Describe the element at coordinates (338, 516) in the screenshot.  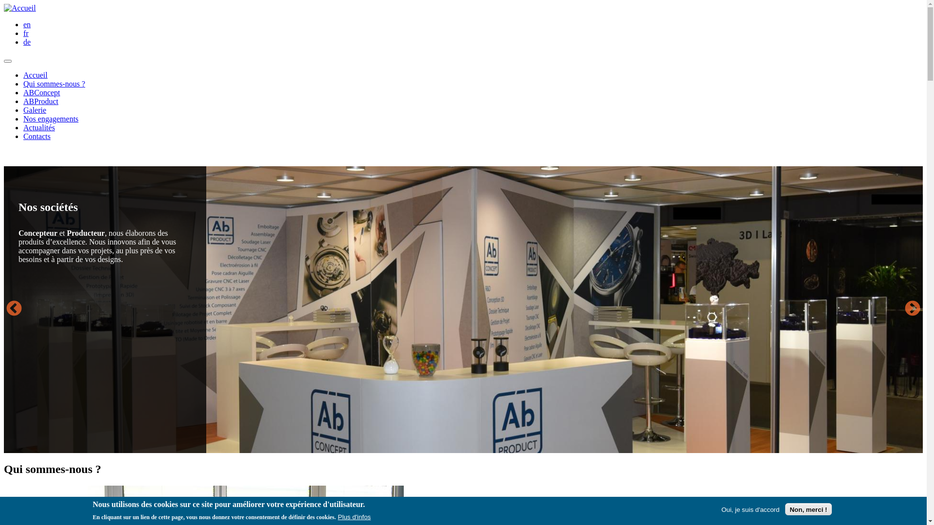
I see `'Plus d'infos'` at that location.